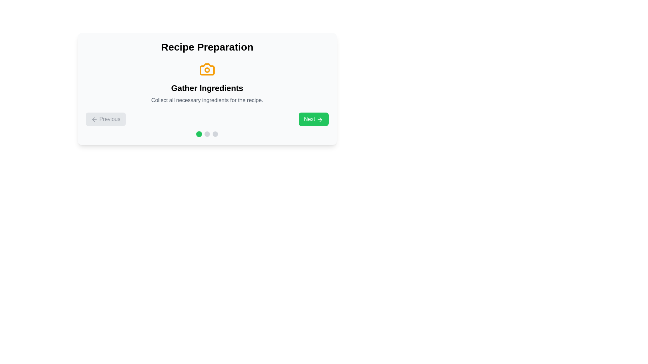 The height and width of the screenshot is (364, 648). What do you see at coordinates (207, 69) in the screenshot?
I see `the icon representing the action of capturing or gathering information, which is centered above the 'Gather Ingredients' title text in the main content area of the card` at bounding box center [207, 69].